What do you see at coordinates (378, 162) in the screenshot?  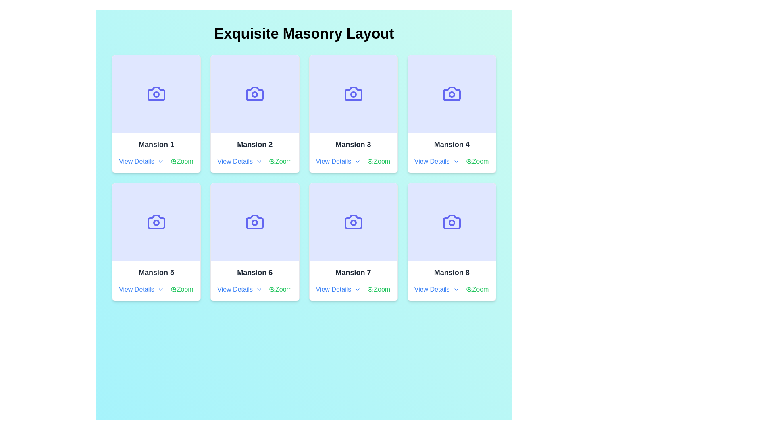 I see `the interactive link labeled 'Zoom' styled in green text, located within the 'Mansion 3' card` at bounding box center [378, 162].